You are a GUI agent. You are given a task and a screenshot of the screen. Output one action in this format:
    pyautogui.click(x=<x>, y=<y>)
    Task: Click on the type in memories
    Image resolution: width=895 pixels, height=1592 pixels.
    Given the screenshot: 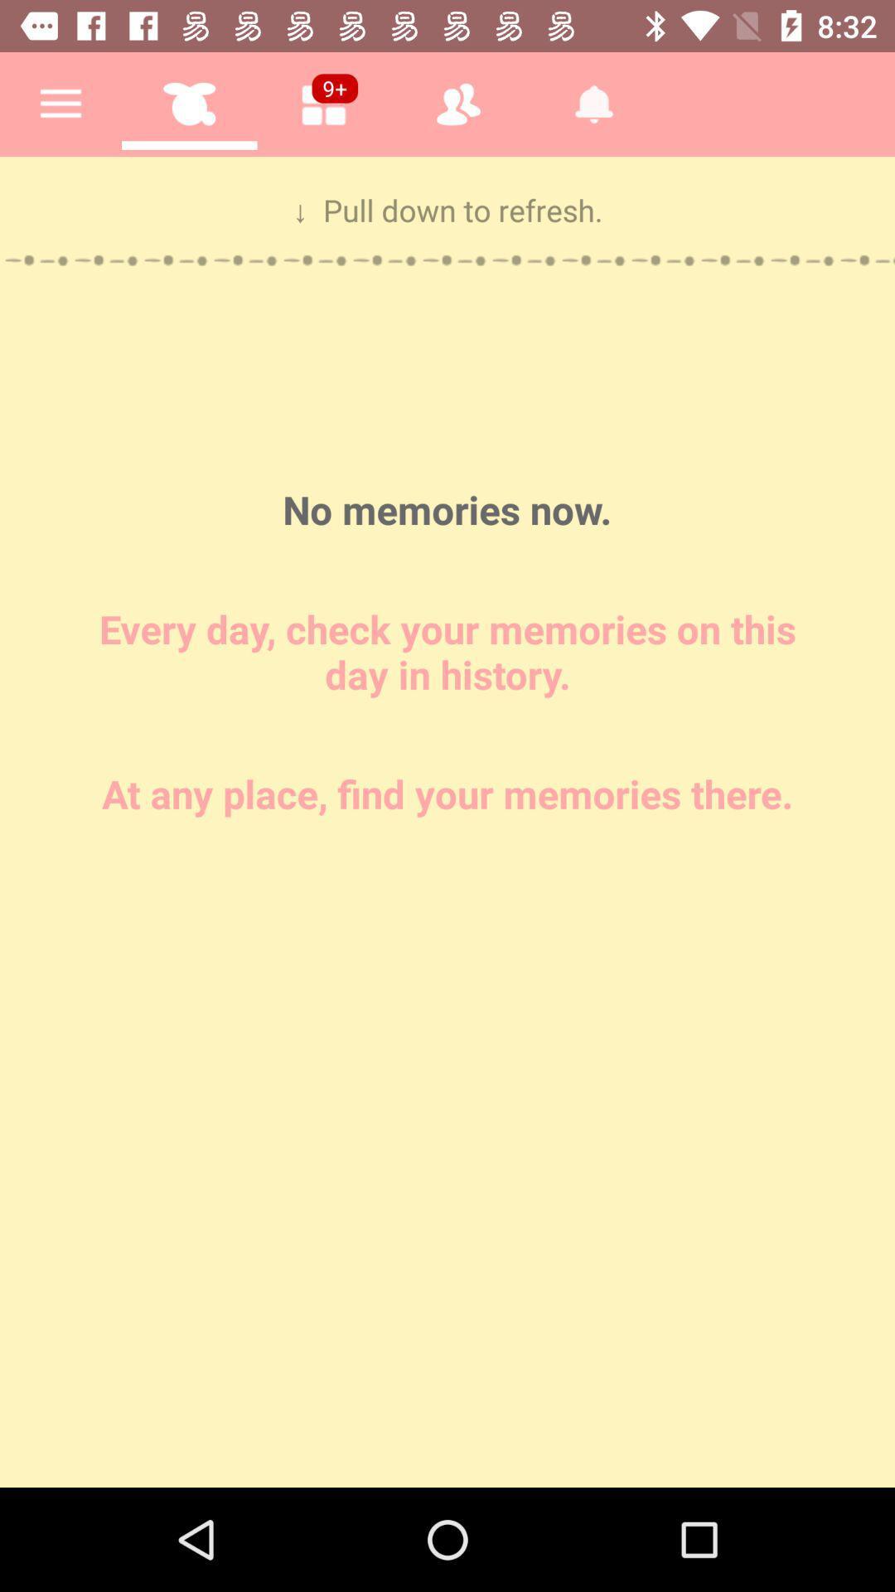 What is the action you would take?
    pyautogui.click(x=447, y=822)
    